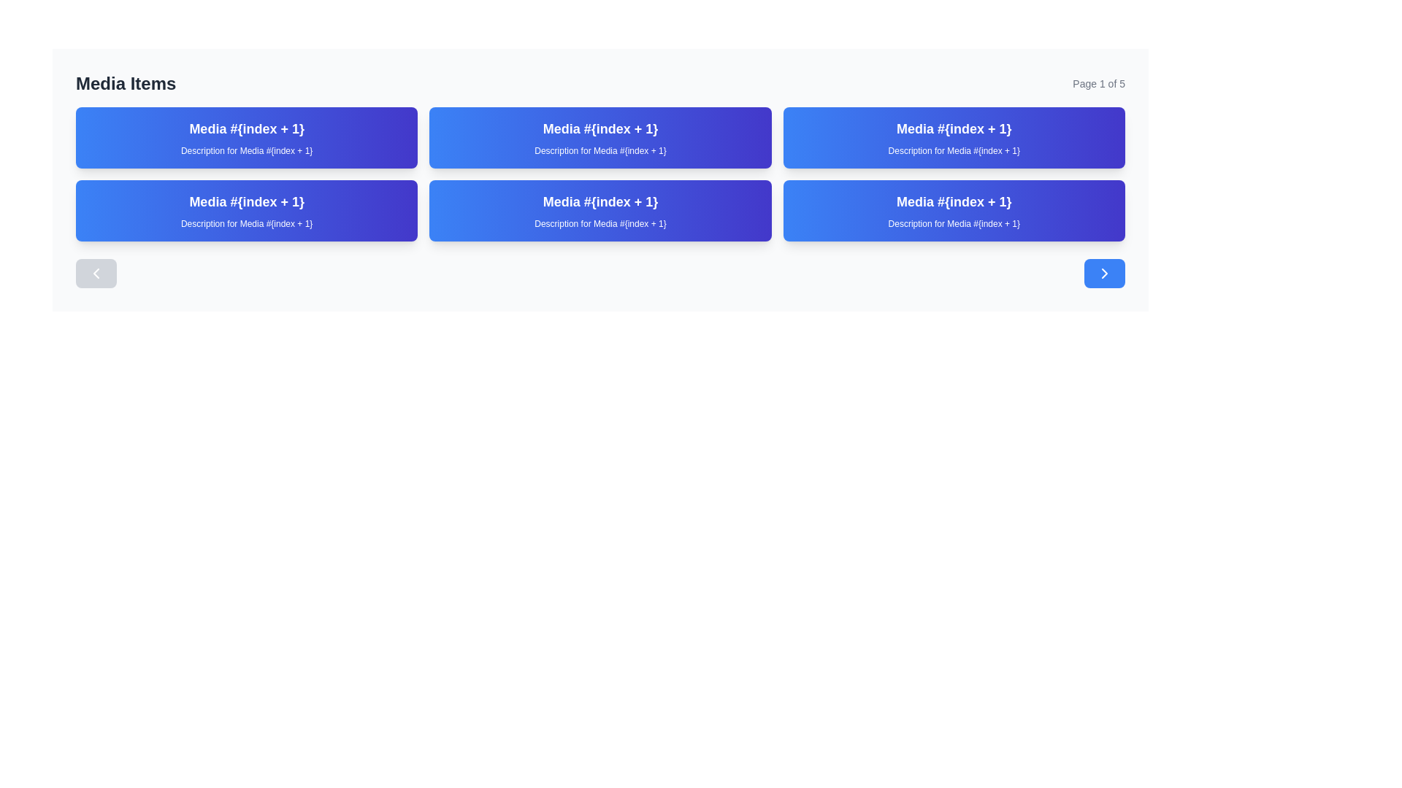  Describe the element at coordinates (600, 224) in the screenshot. I see `the text label displaying 'Description for Media #{index + 1}', located below the bold title 'Media #{index + 1}' within the blue gradient rectangular card in the second row, third card of the grid layout` at that location.